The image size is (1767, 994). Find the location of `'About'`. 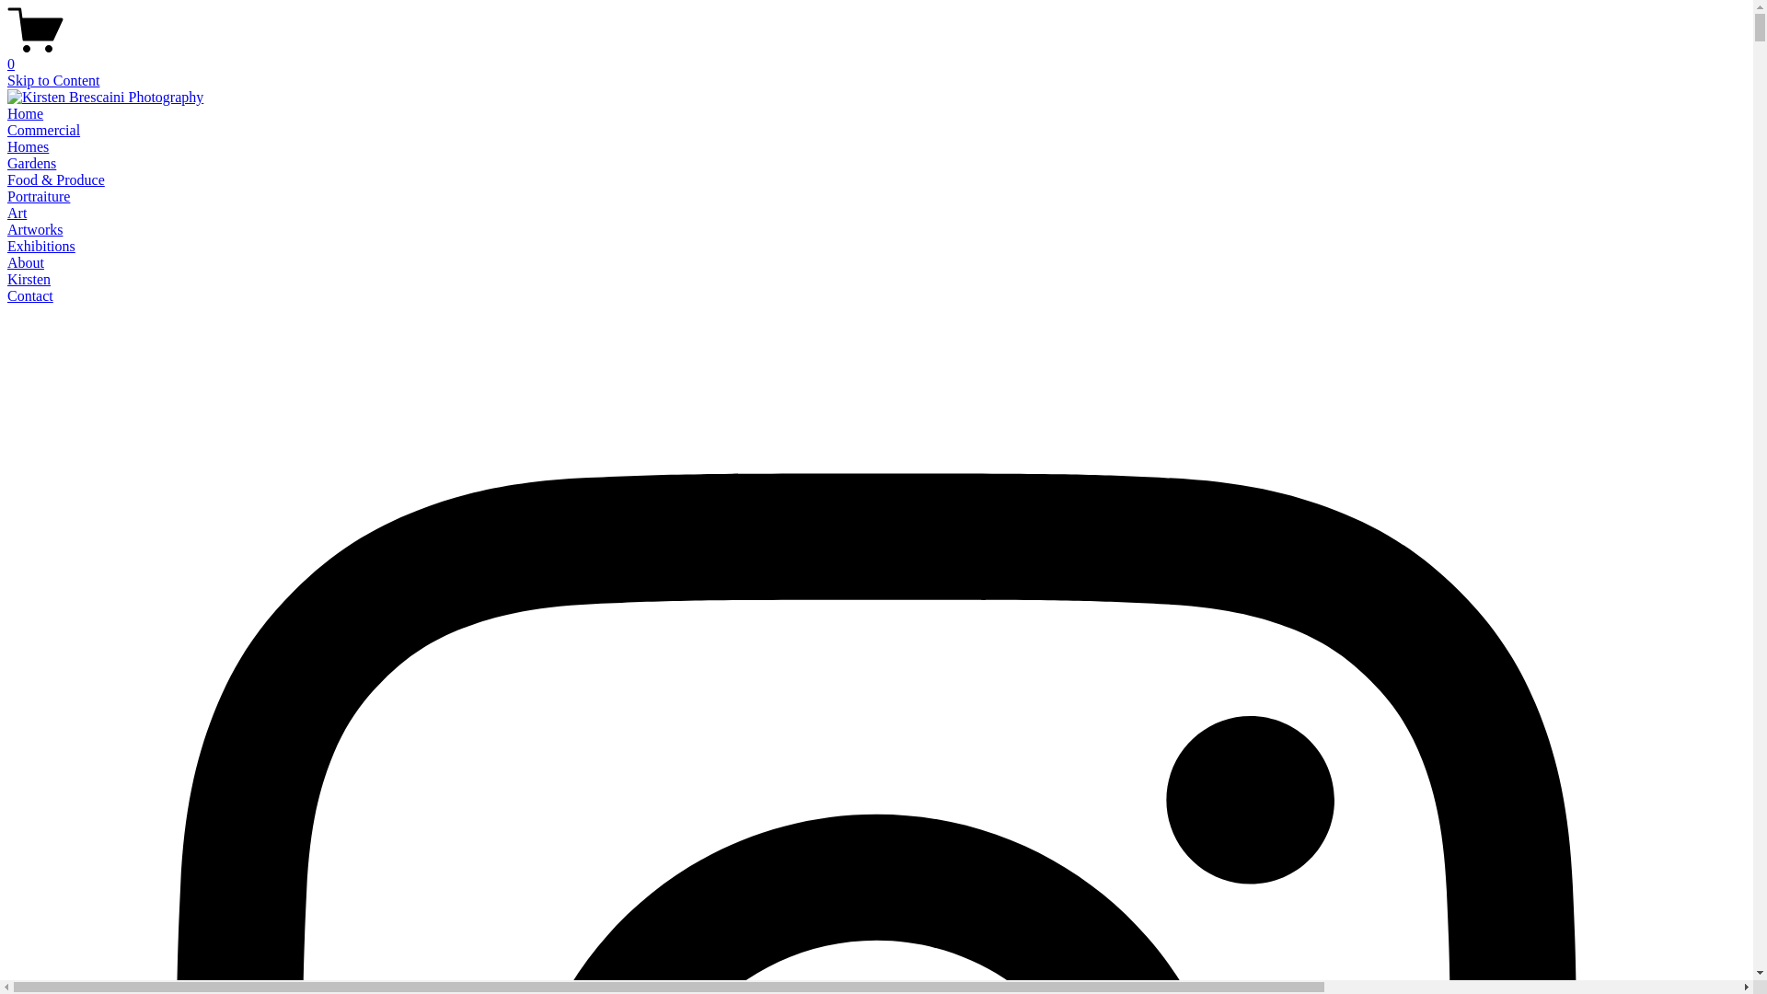

'About' is located at coordinates (26, 262).